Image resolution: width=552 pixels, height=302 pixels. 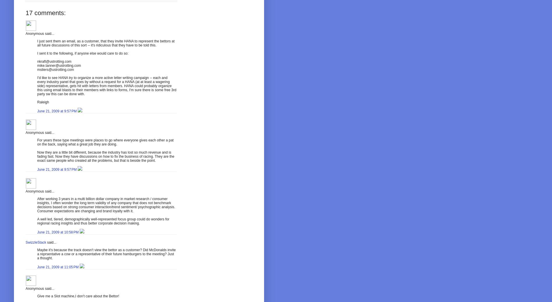 What do you see at coordinates (51, 242) in the screenshot?
I see `'said...'` at bounding box center [51, 242].